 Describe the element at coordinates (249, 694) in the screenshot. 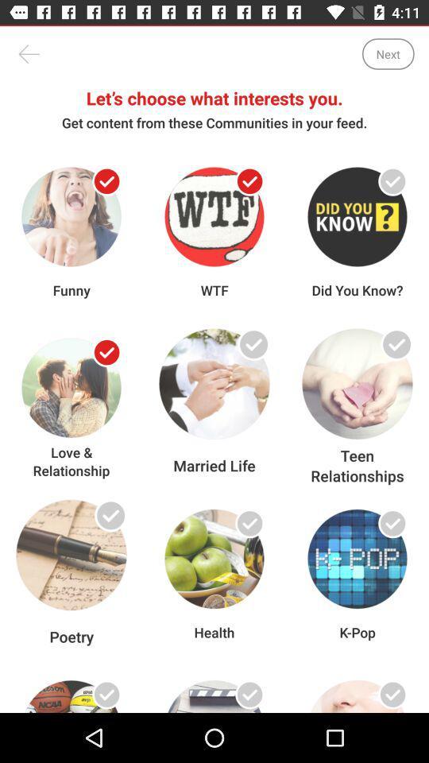

I see `link` at that location.